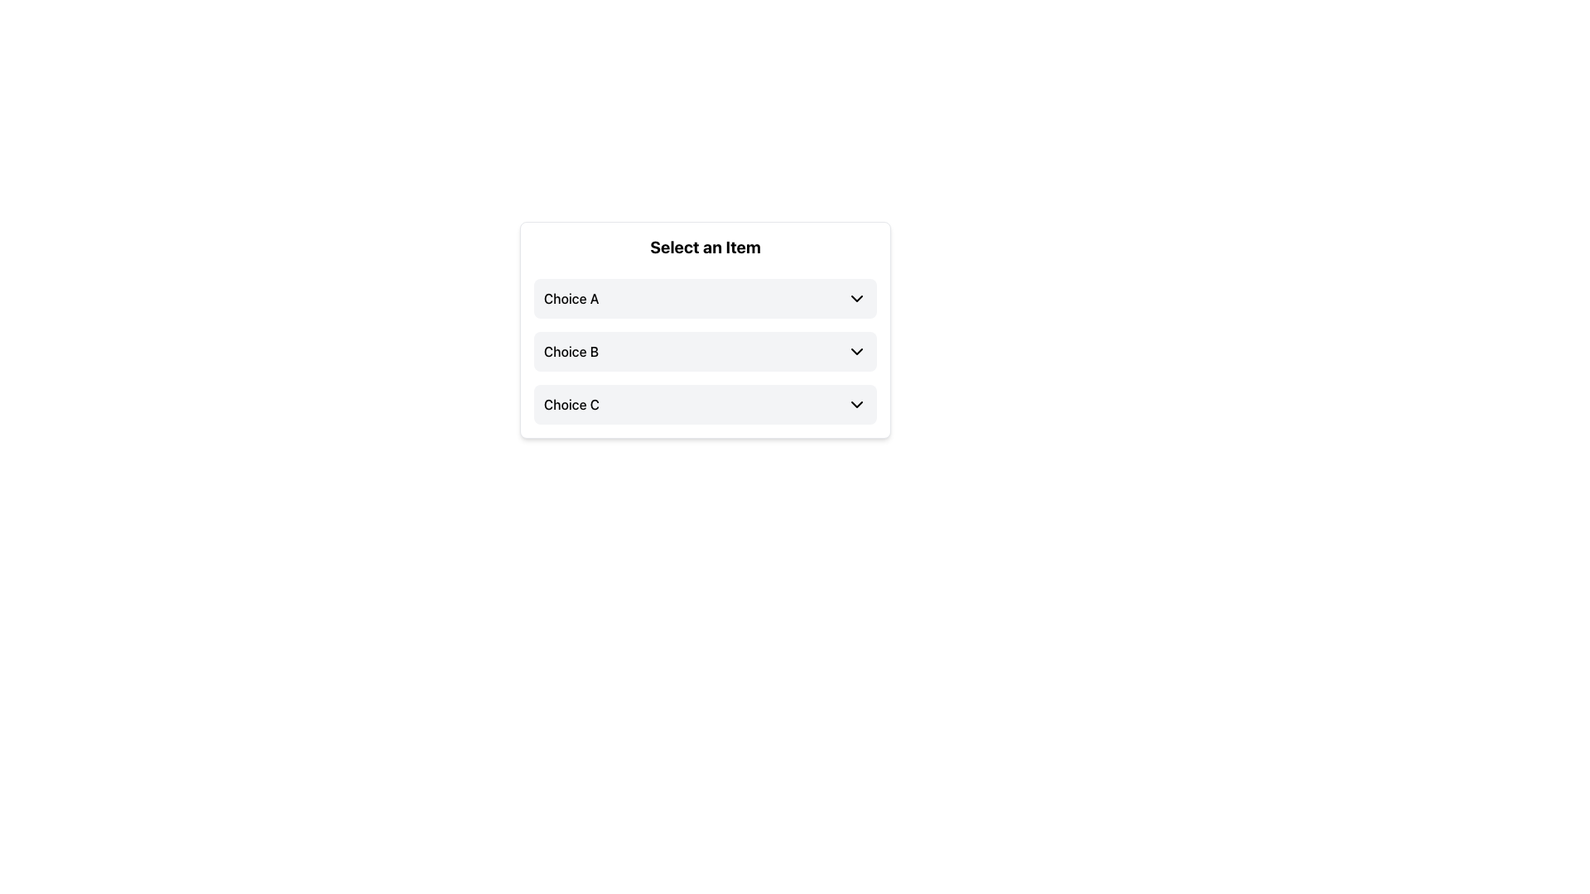  I want to click on the second item in the dropdown list, so click(705, 350).